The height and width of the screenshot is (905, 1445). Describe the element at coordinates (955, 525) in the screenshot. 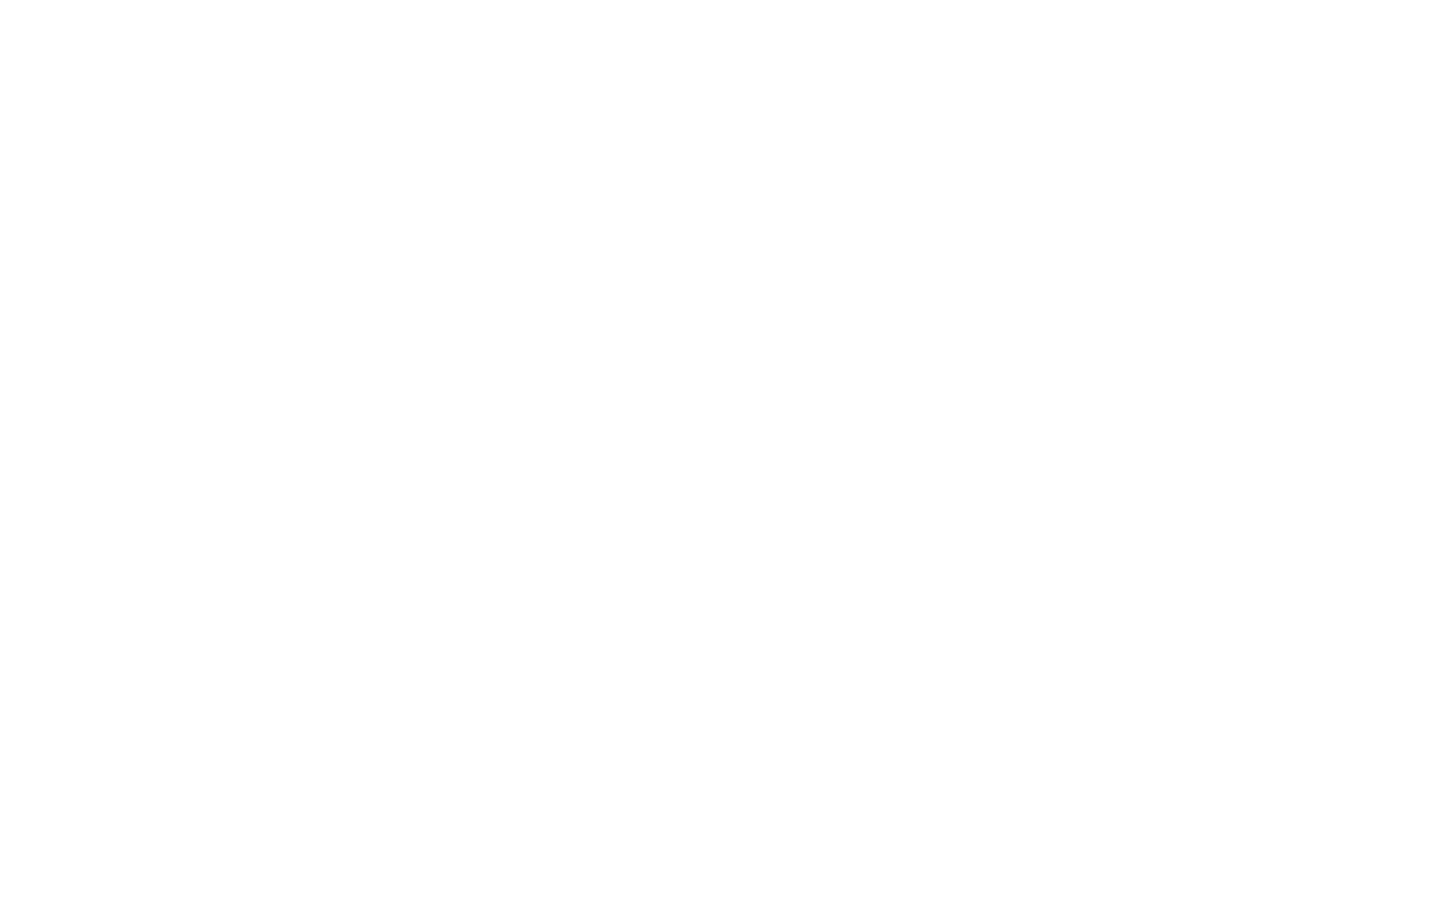

I see `'Media'` at that location.